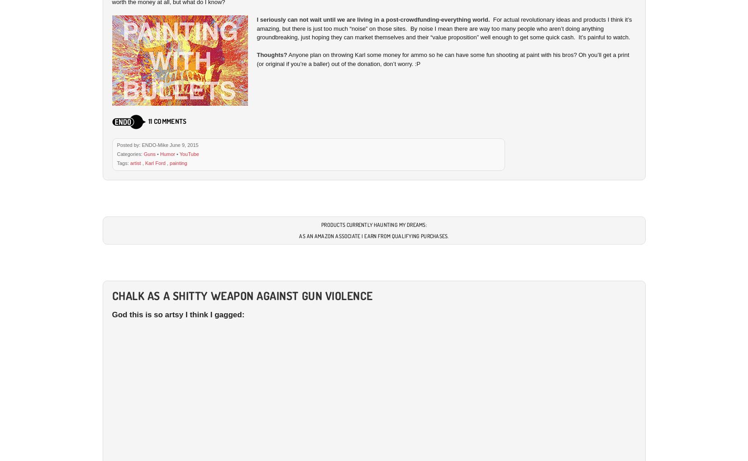 The height and width of the screenshot is (461, 748). Describe the element at coordinates (178, 162) in the screenshot. I see `'painting'` at that location.